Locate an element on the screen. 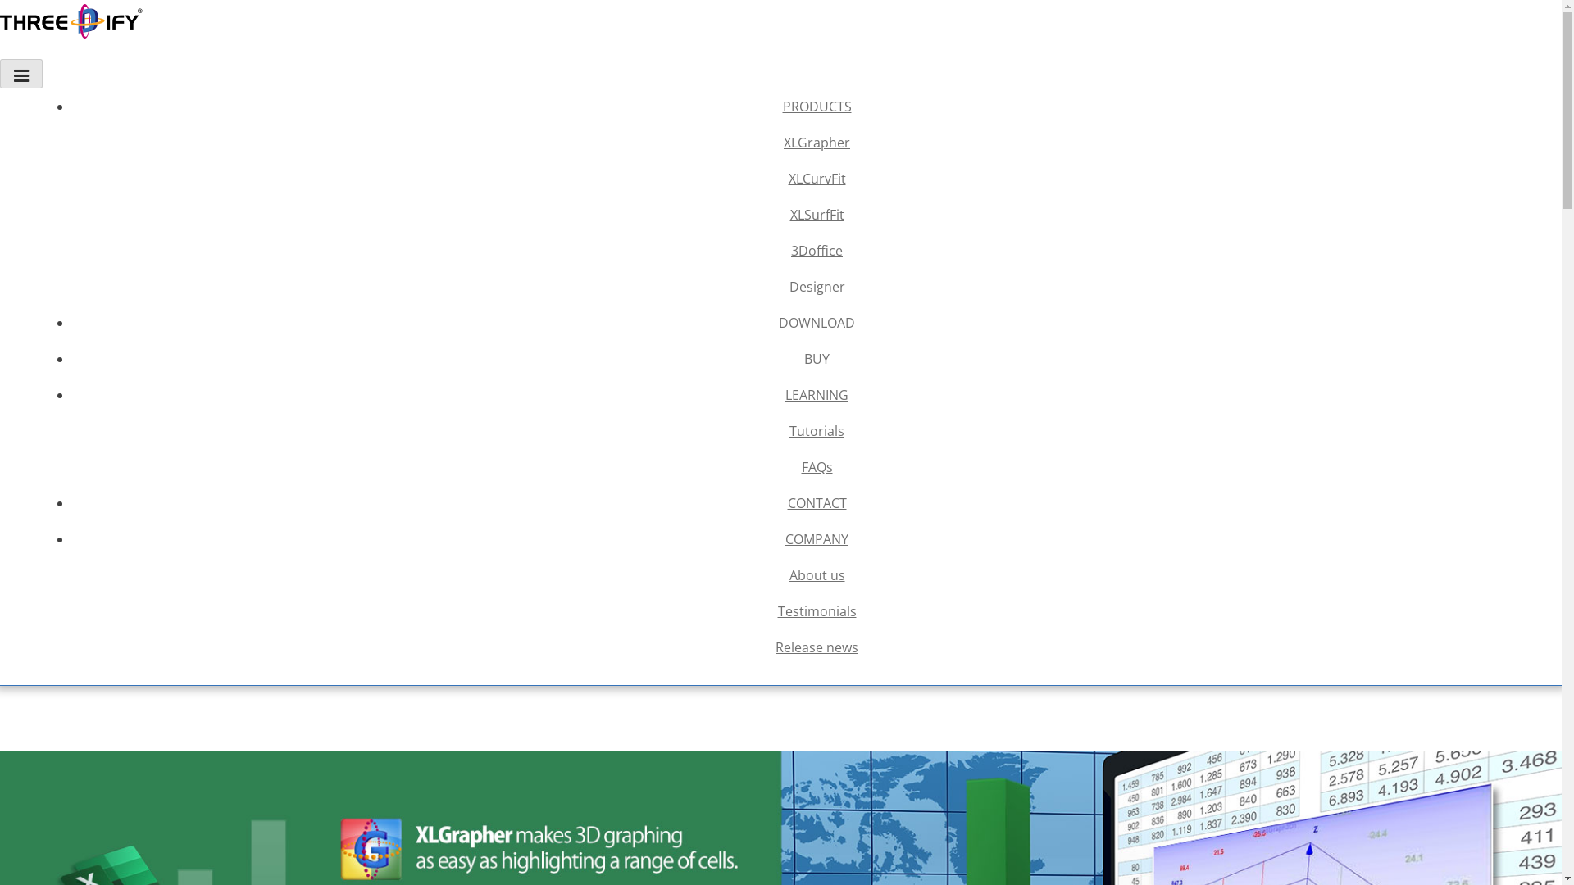  'About us' is located at coordinates (817, 574).